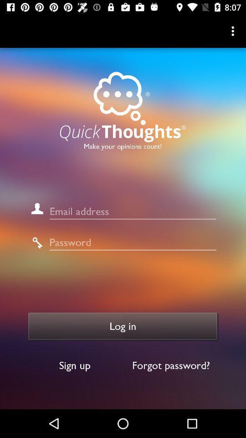 The image size is (246, 438). I want to click on item below log in icon, so click(74, 365).